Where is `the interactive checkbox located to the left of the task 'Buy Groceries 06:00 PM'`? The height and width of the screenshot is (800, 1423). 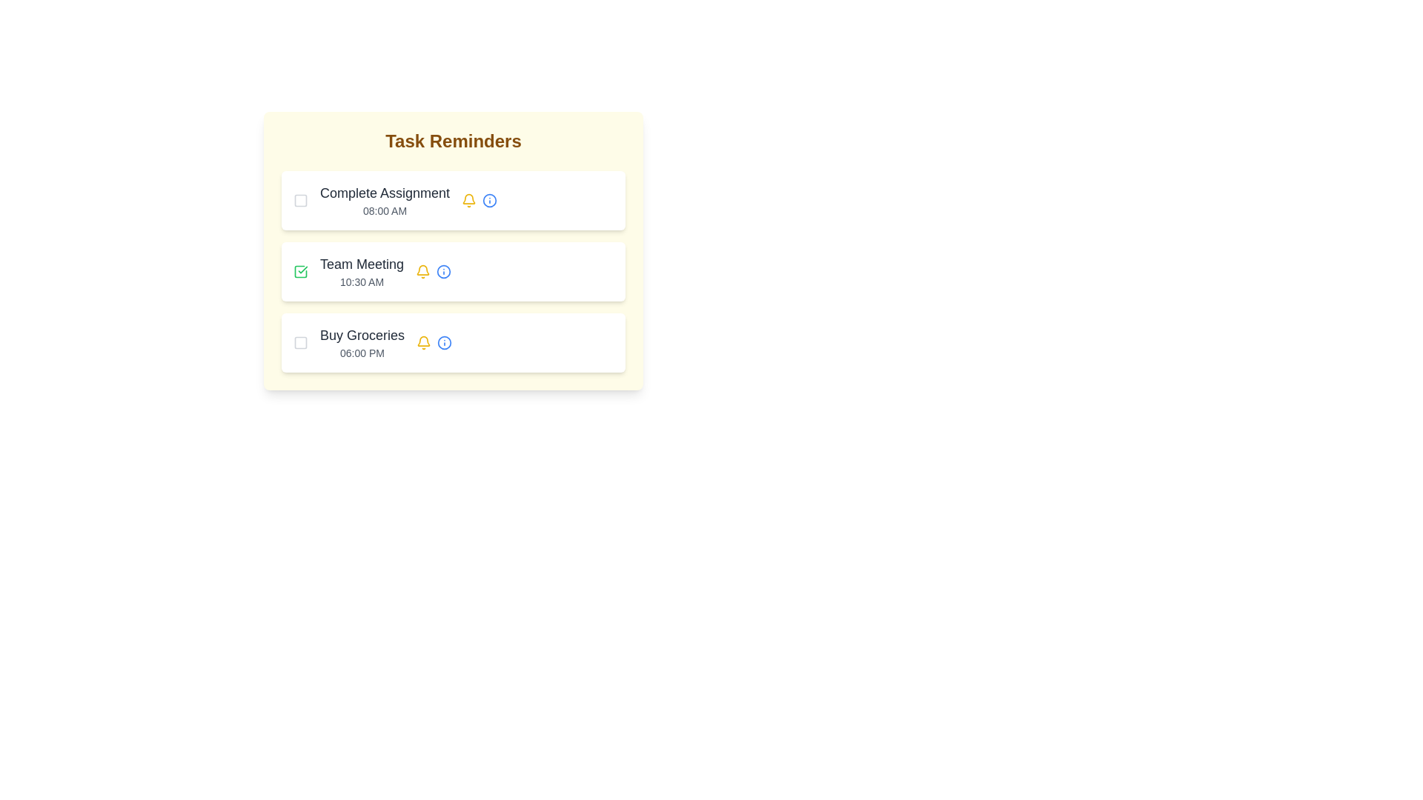
the interactive checkbox located to the left of the task 'Buy Groceries 06:00 PM' is located at coordinates (300, 342).